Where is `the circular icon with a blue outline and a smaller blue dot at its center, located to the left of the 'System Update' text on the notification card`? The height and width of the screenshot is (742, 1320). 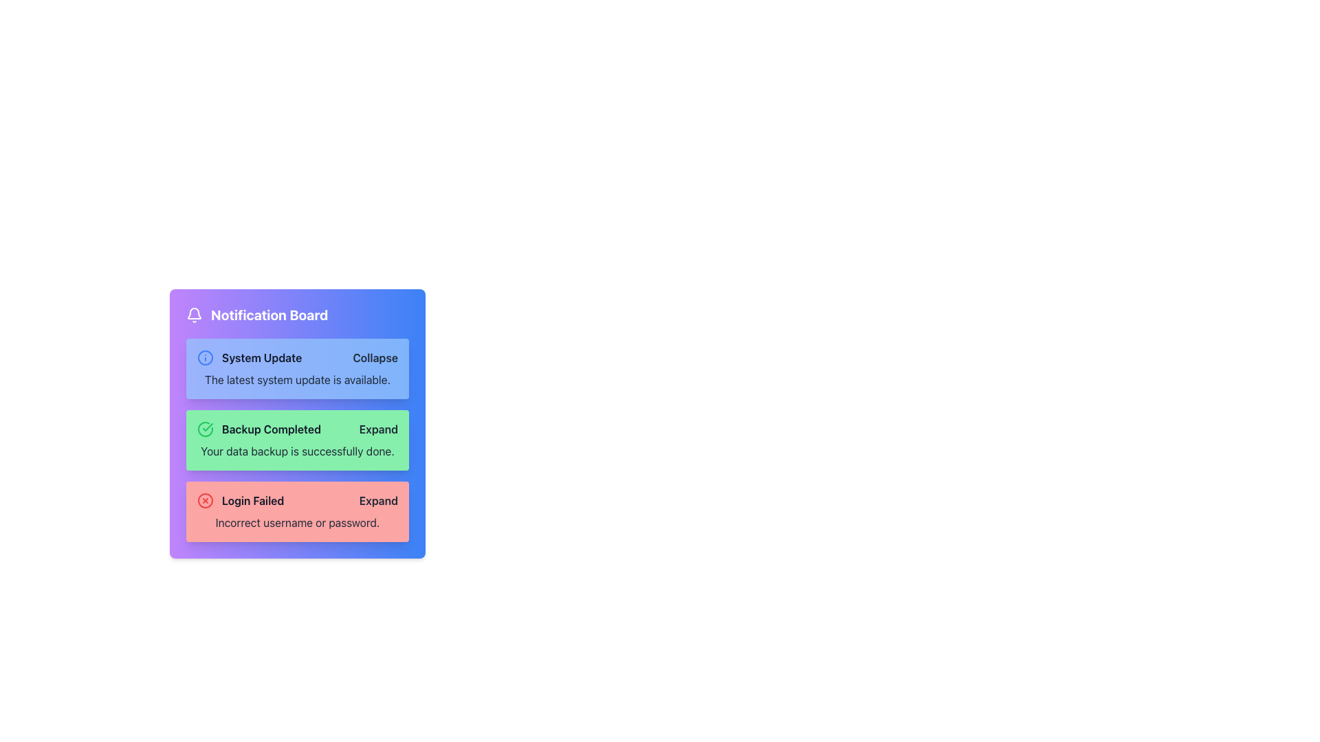 the circular icon with a blue outline and a smaller blue dot at its center, located to the left of the 'System Update' text on the notification card is located at coordinates (204, 357).